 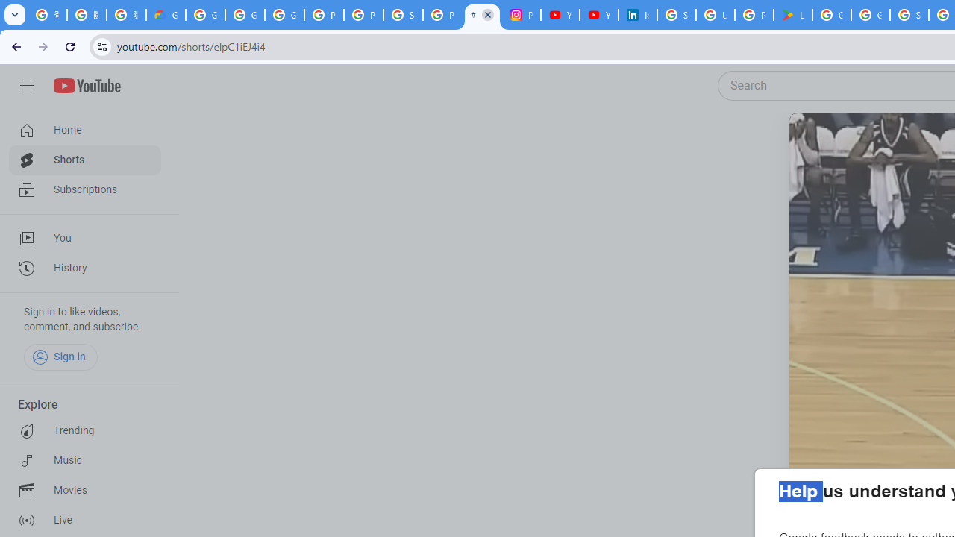 I want to click on 'Play (k)', so click(x=818, y=142).